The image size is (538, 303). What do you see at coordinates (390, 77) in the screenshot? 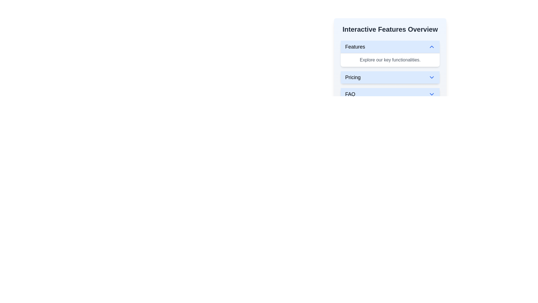
I see `the 'Pricing' button, which is the second item in the vertical stack of collapsible sections` at bounding box center [390, 77].